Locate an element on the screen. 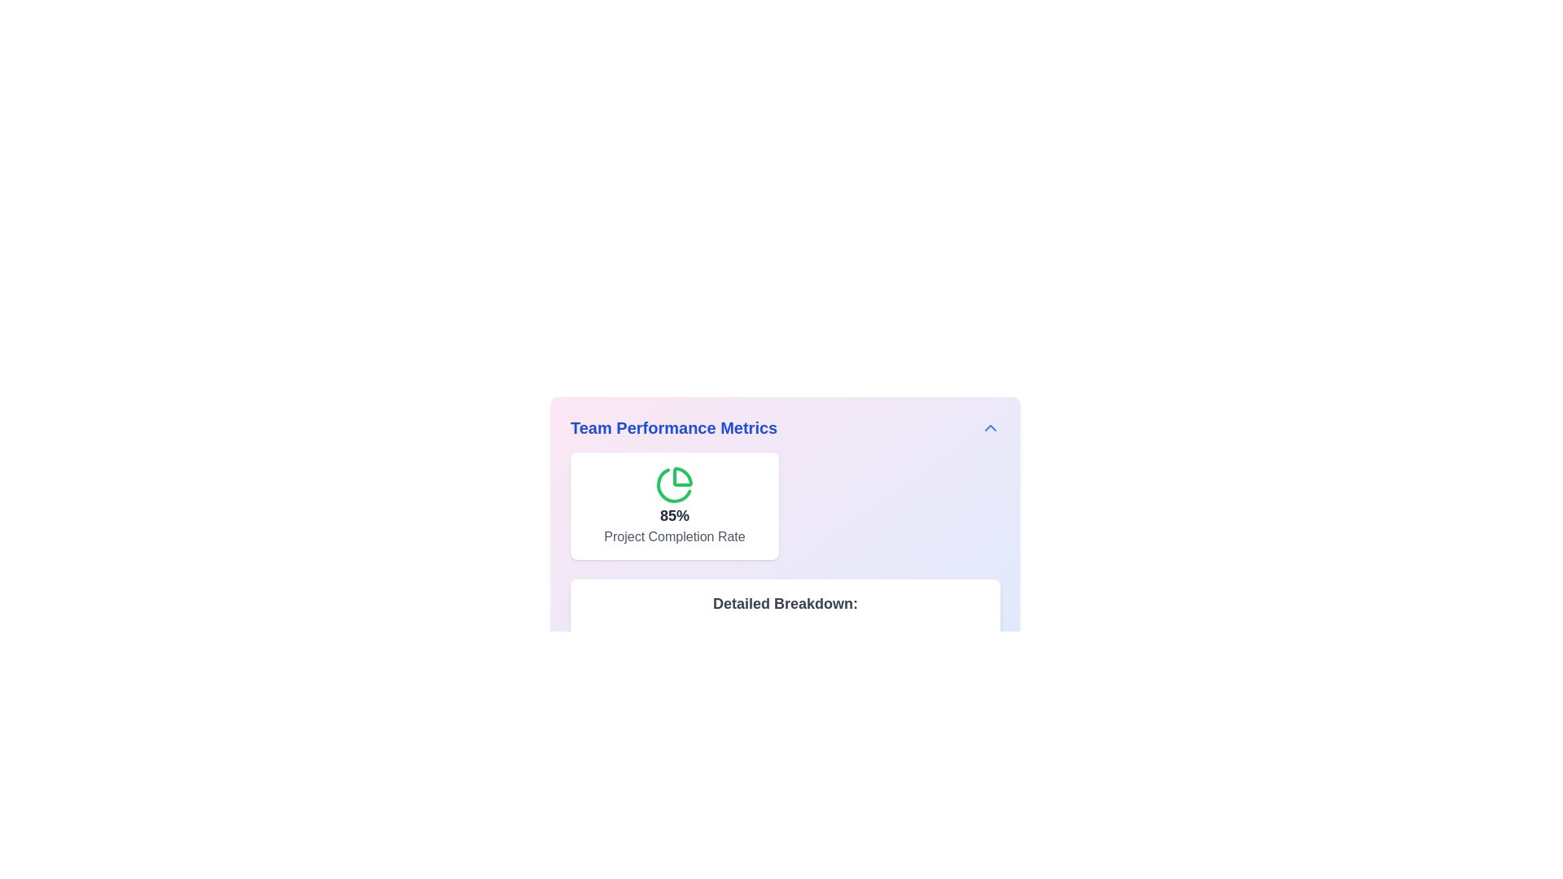  header text 'Team Performance Metrics' which is styled as large and bold, positioned at the top of the performance data section is located at coordinates (674, 426).